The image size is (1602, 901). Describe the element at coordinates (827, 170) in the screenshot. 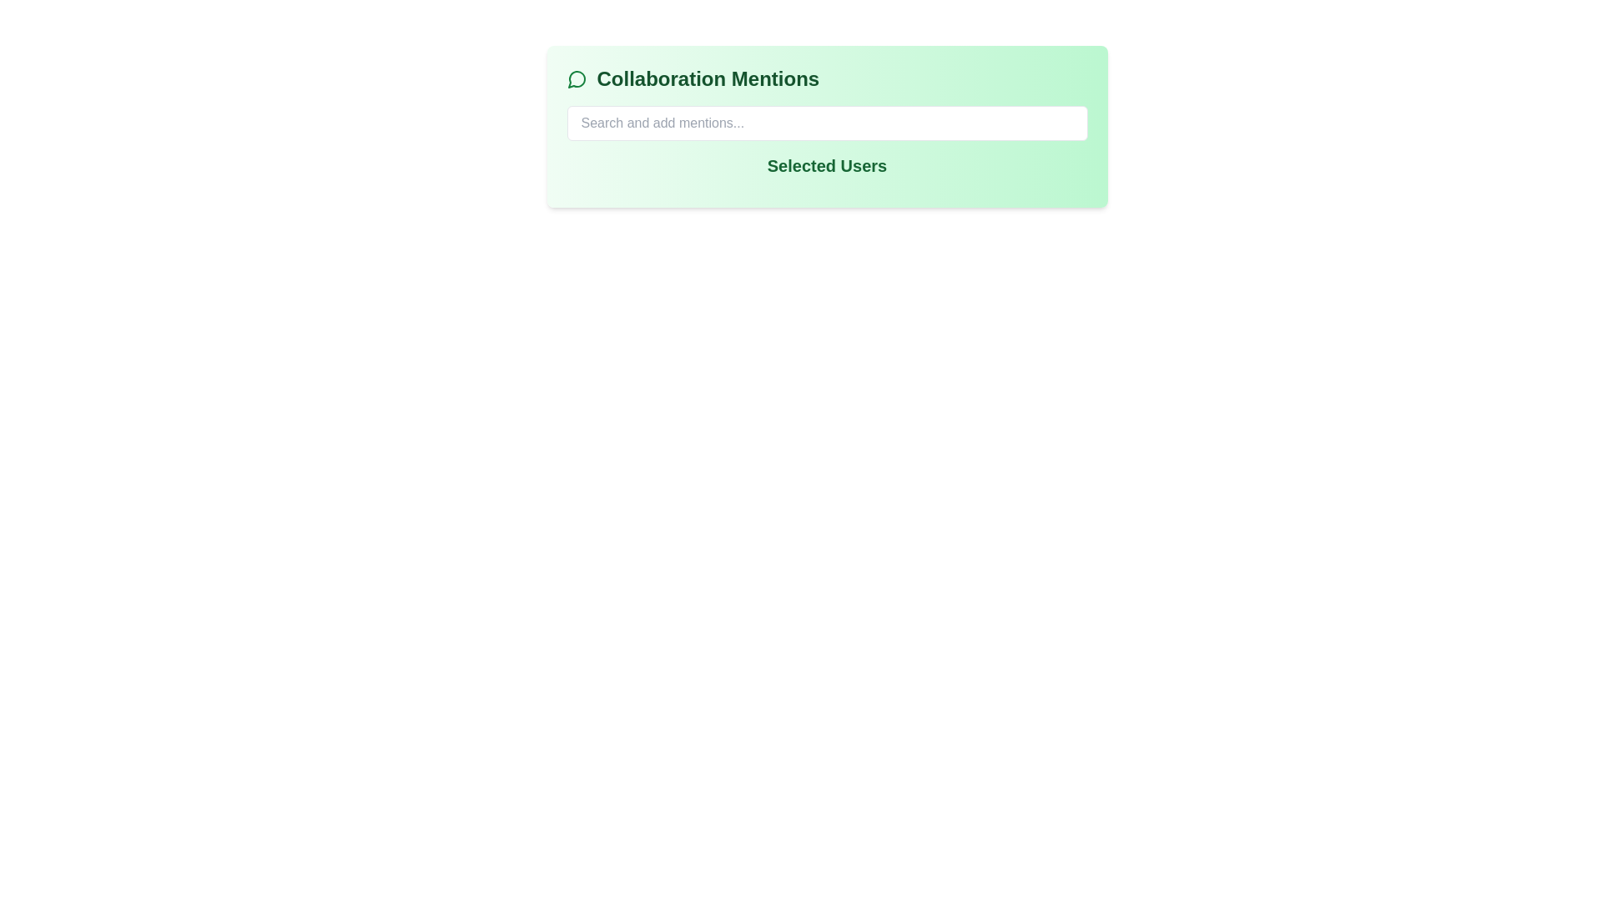

I see `the 'Selected Users' text label element, which is bold and green, located below the 'Search and add mentions...' input field in the 'Collaboration Mentions' card` at that location.